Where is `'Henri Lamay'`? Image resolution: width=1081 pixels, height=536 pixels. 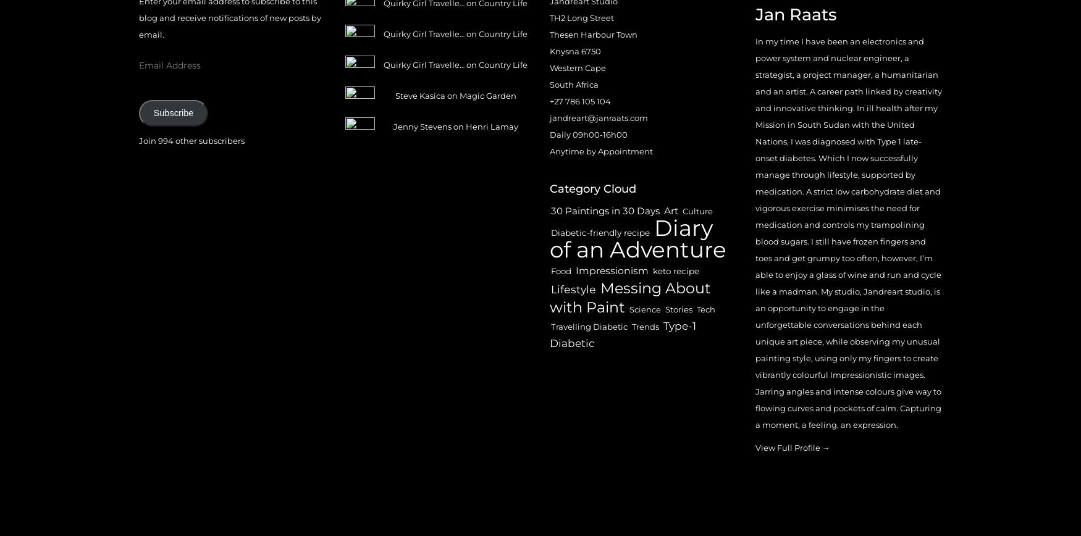 'Henri Lamay' is located at coordinates (465, 125).